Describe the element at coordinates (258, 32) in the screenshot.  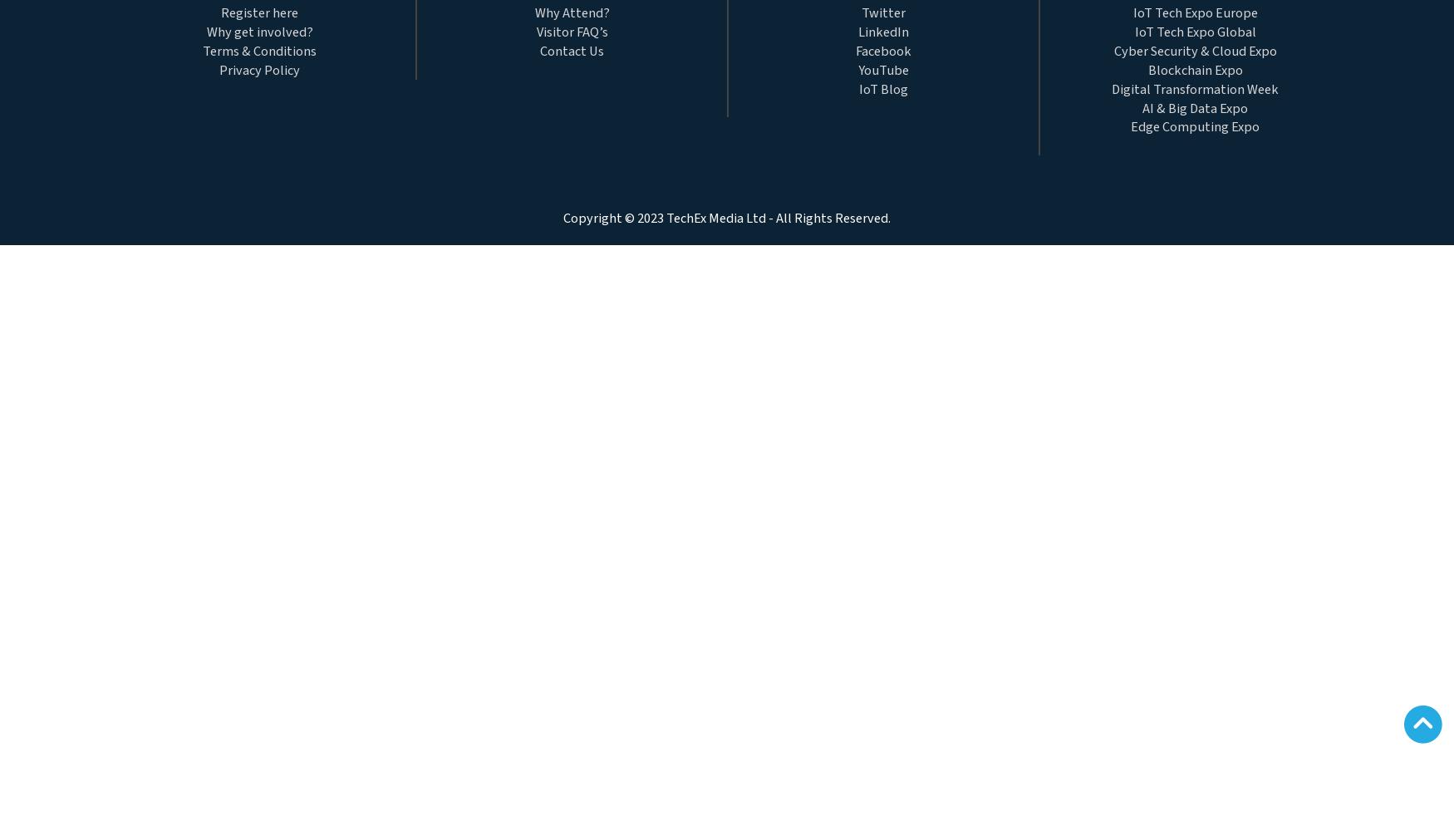
I see `'Why get involved?'` at that location.